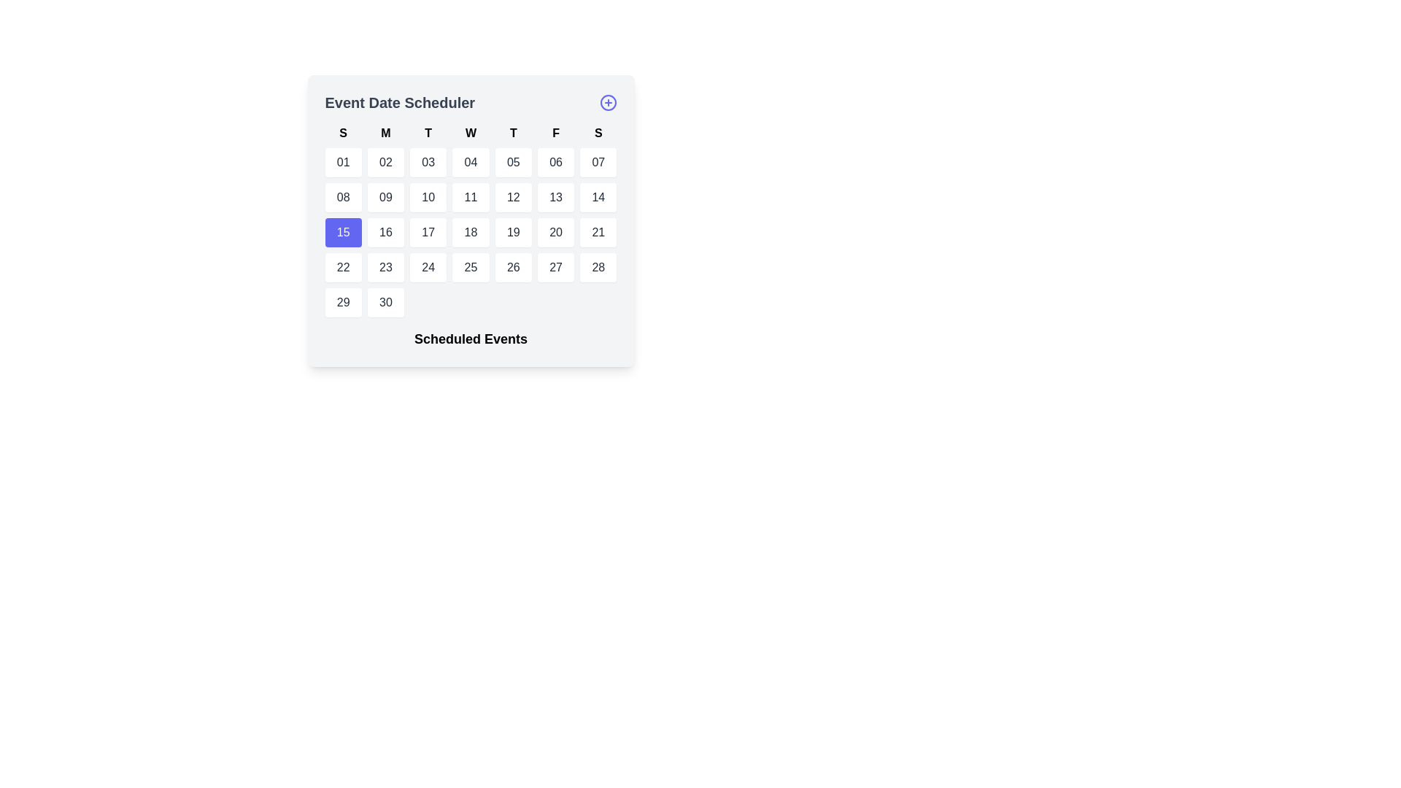 The height and width of the screenshot is (788, 1401). I want to click on the button representing the sixth day in the Friday column of the calendar, so click(555, 267).